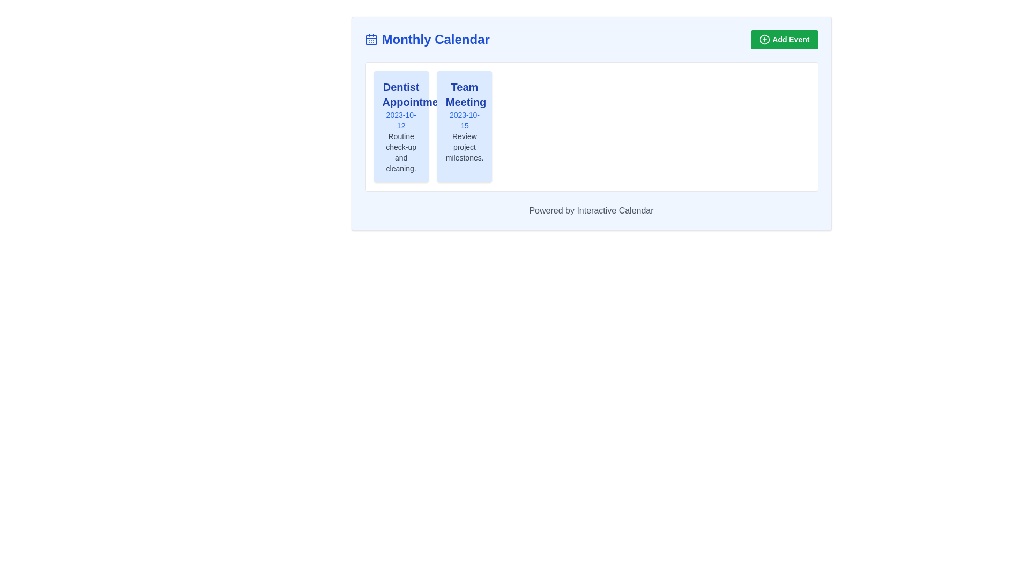  I want to click on the event card titled 'Dentist Appointment', which has a light blue background and contains a date and description, located at the upper-left side of the visible section, so click(400, 126).